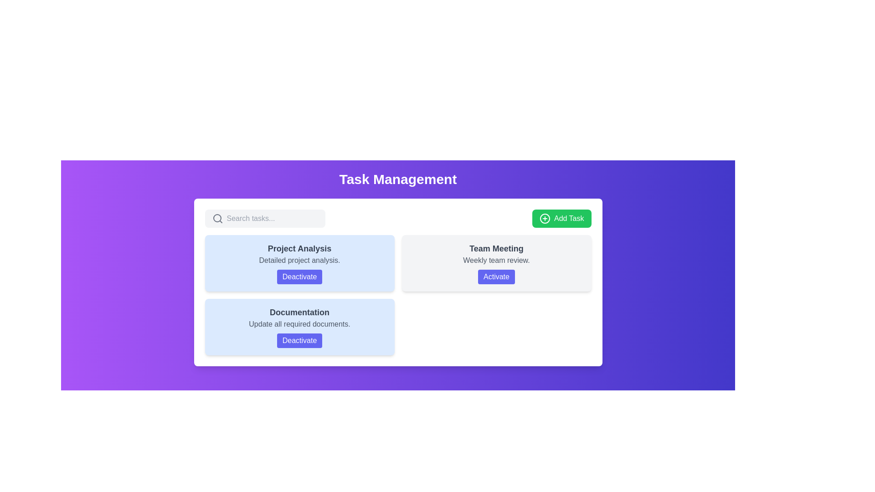 The image size is (875, 492). I want to click on the indigo 'Deactivate' button with white text, located in the 'Documentation' card below the 'Update all required documents.' text, so click(299, 341).